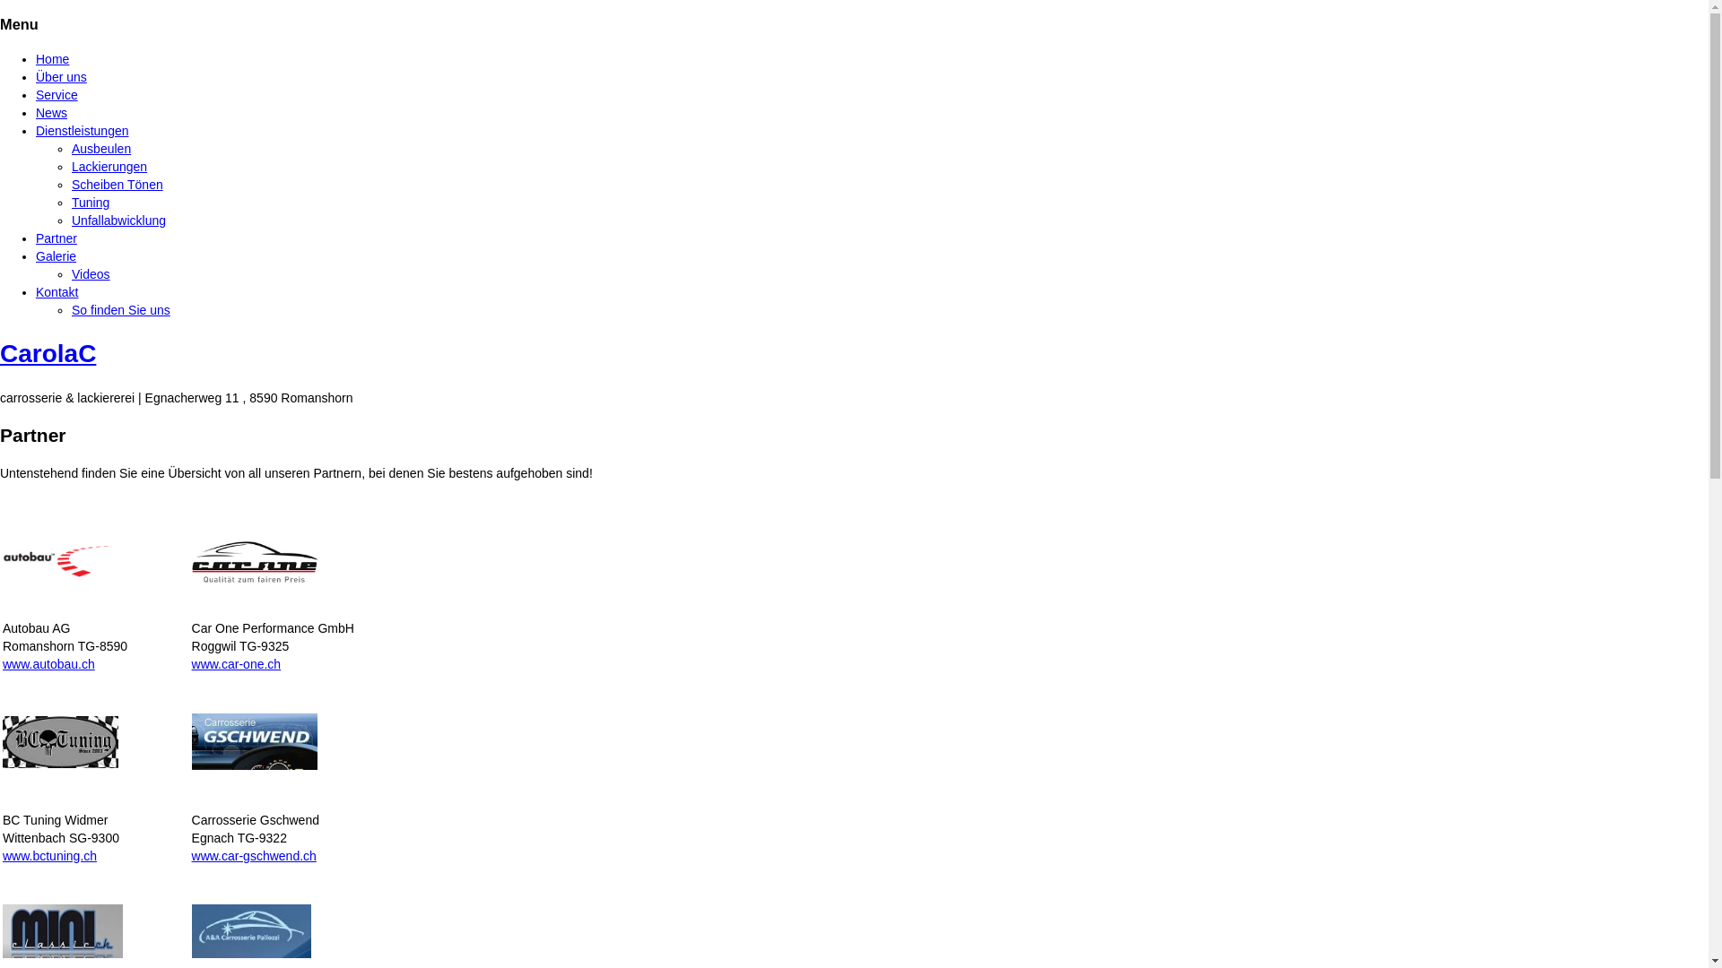 The width and height of the screenshot is (1722, 968). I want to click on 'www.car-one.ch', so click(236, 663).